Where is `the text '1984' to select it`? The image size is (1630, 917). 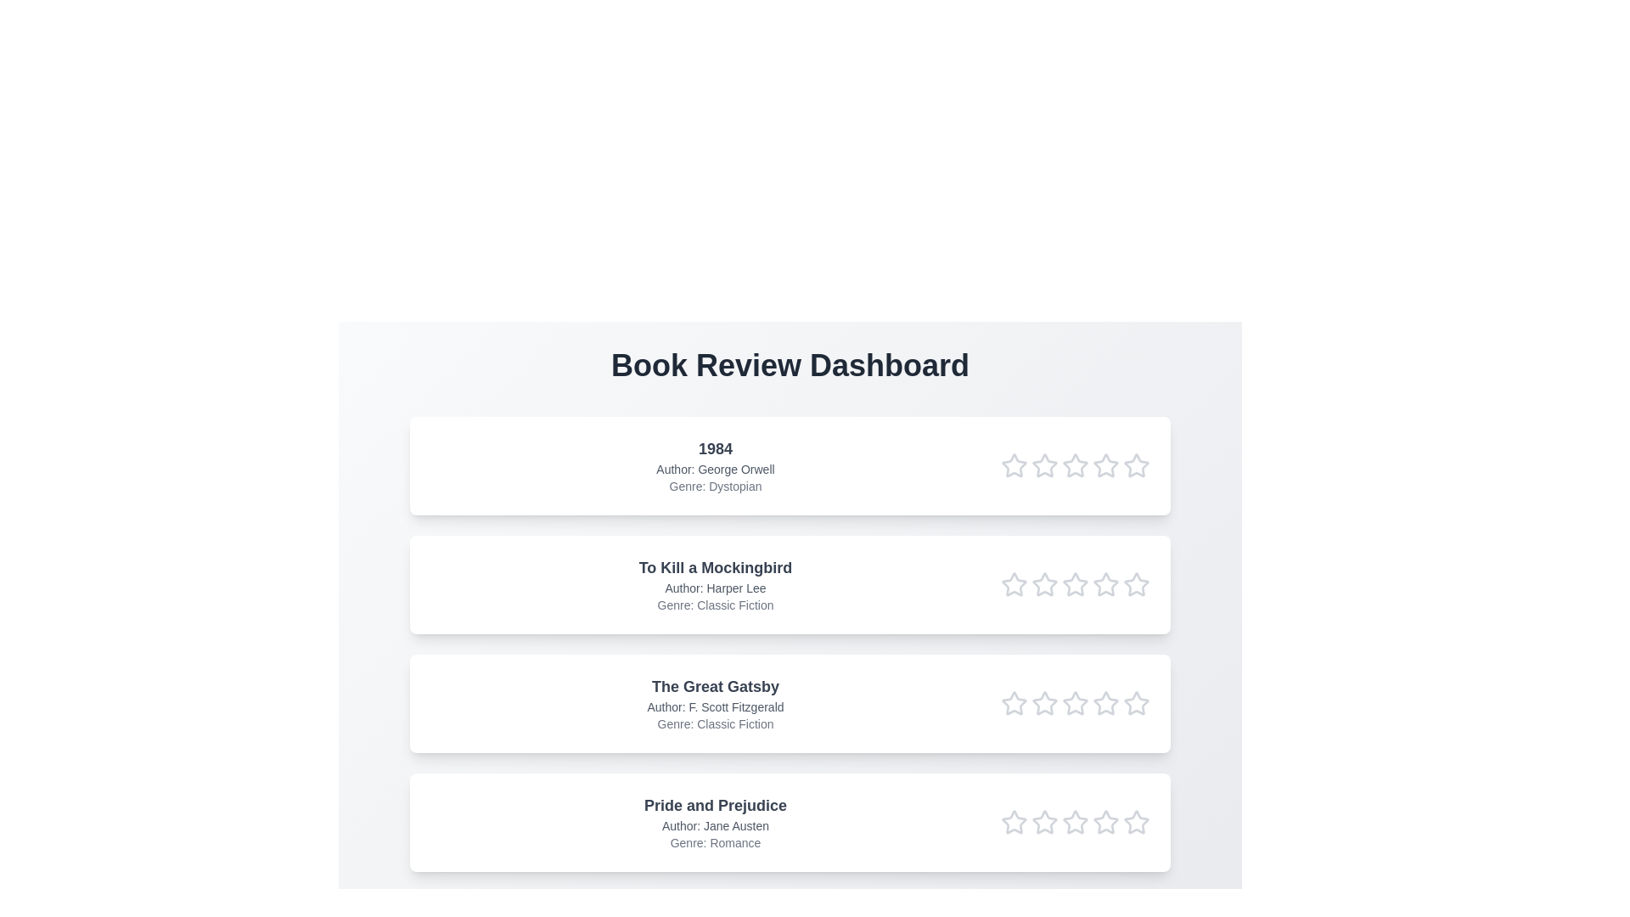 the text '1984' to select it is located at coordinates (716, 447).